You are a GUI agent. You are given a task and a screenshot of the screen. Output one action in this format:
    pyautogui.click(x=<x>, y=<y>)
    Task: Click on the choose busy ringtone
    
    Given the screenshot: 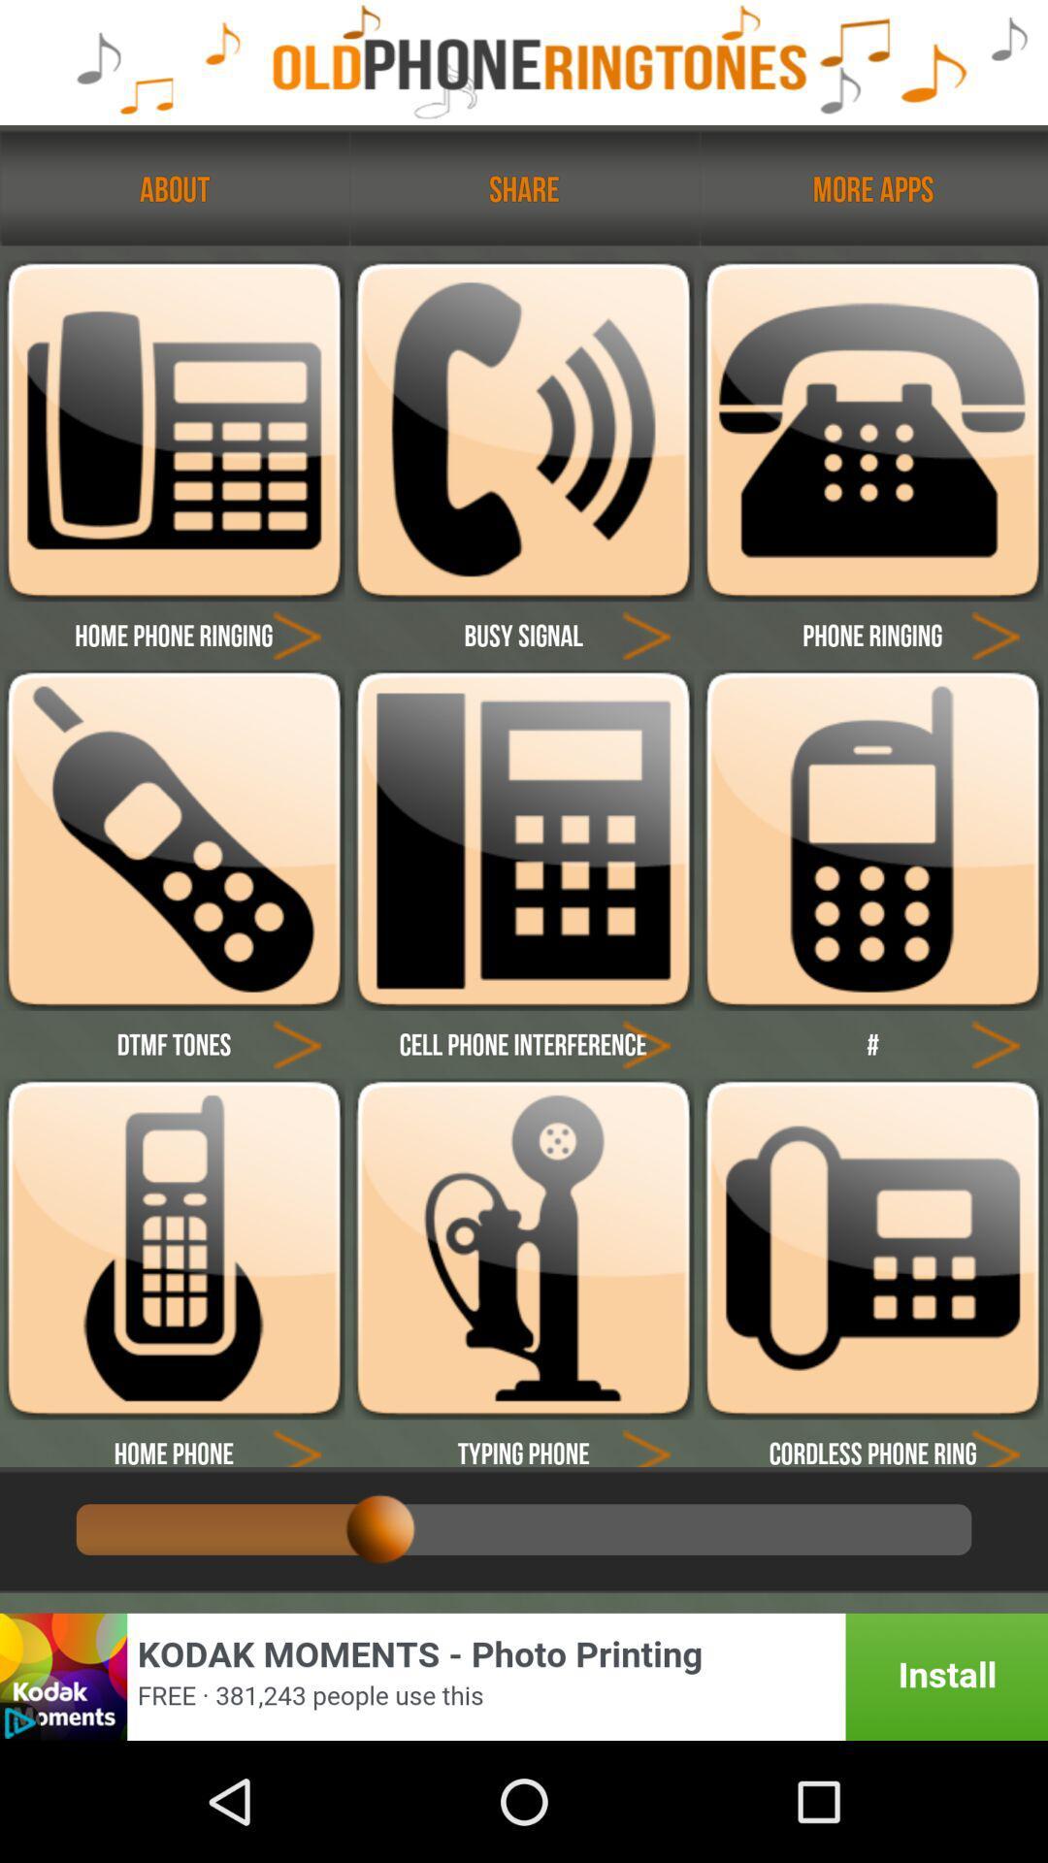 What is the action you would take?
    pyautogui.click(x=522, y=430)
    